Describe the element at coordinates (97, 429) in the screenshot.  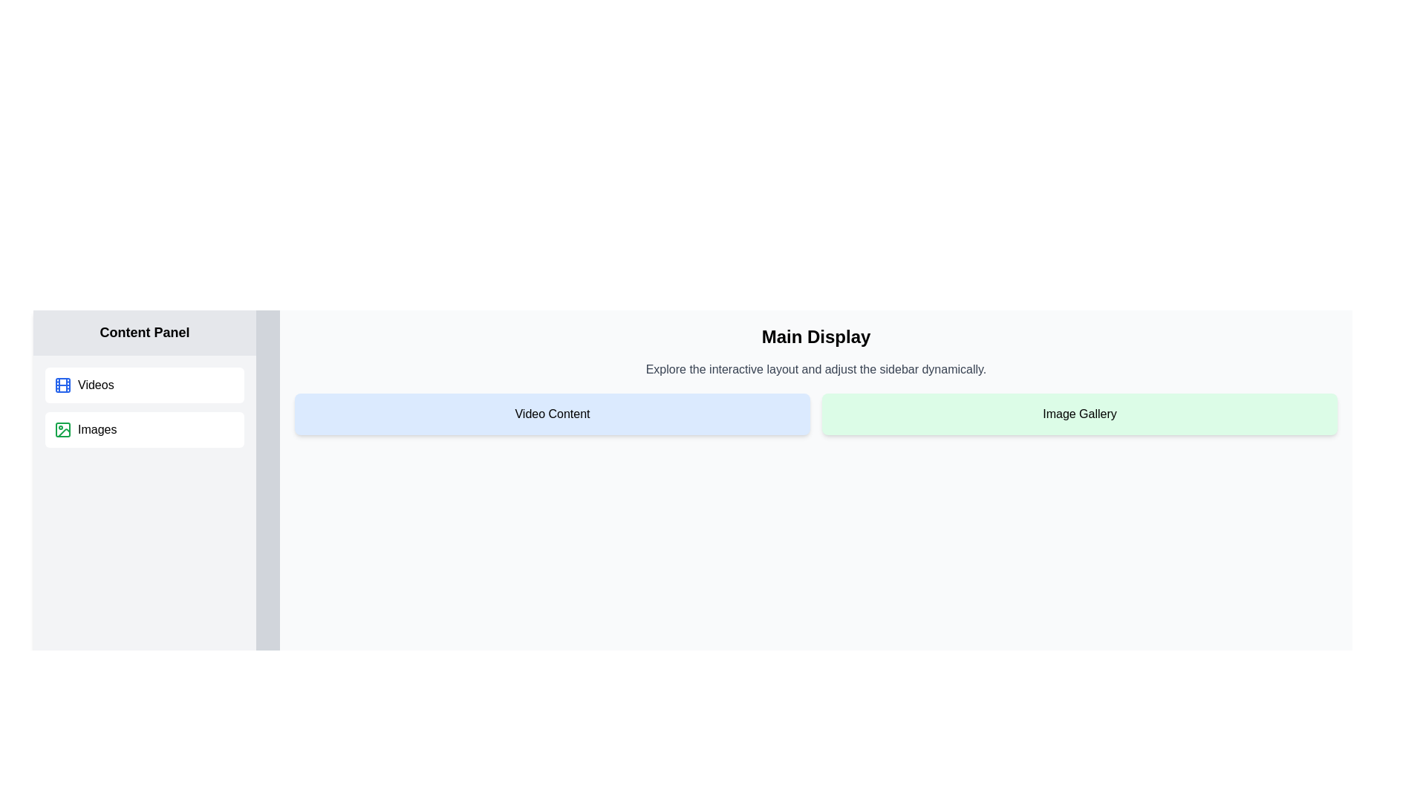
I see `the 'Images' text label located in the 'Content Panel' section` at that location.